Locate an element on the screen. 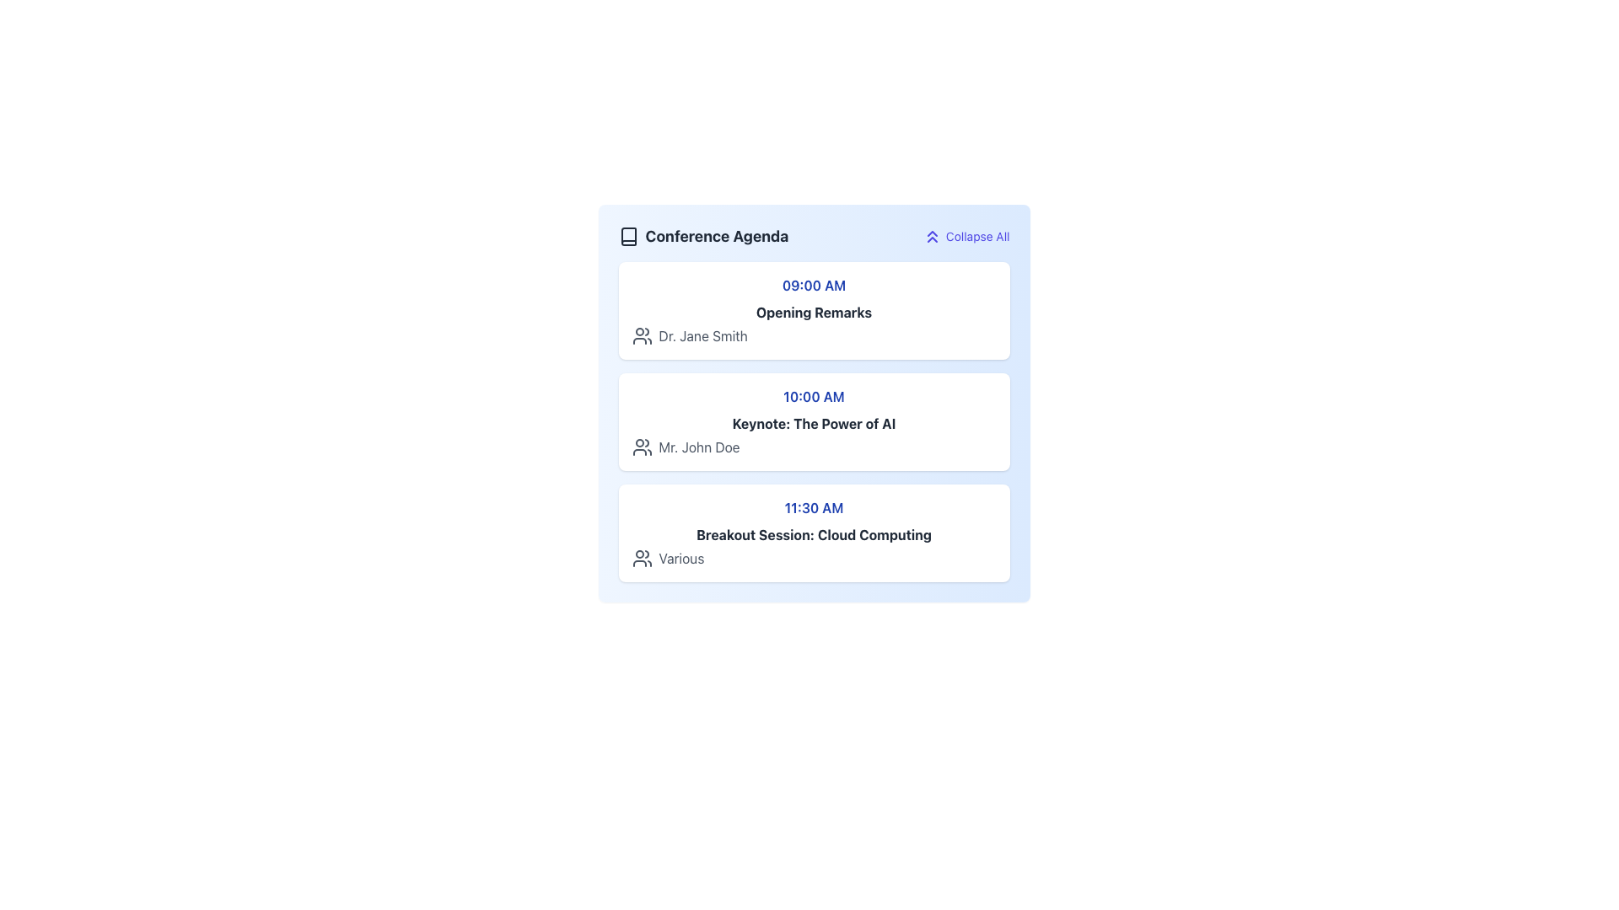  the leftmost icon of the 'Collapse All' button located in the top-right corner of the card is located at coordinates (931, 237).